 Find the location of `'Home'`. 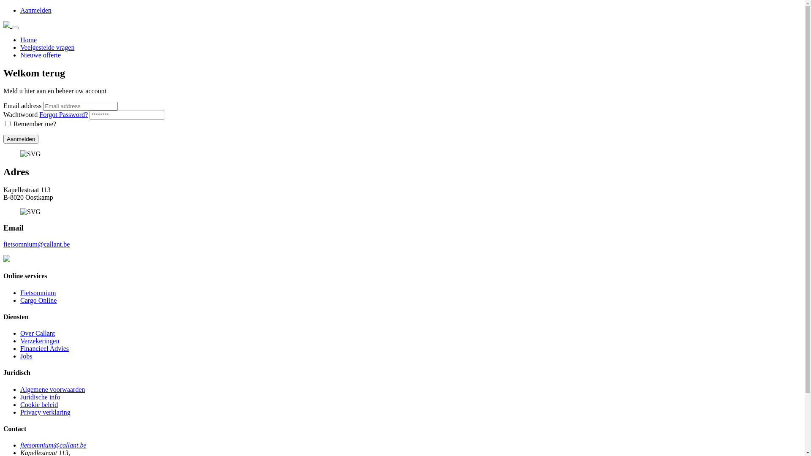

'Home' is located at coordinates (28, 40).